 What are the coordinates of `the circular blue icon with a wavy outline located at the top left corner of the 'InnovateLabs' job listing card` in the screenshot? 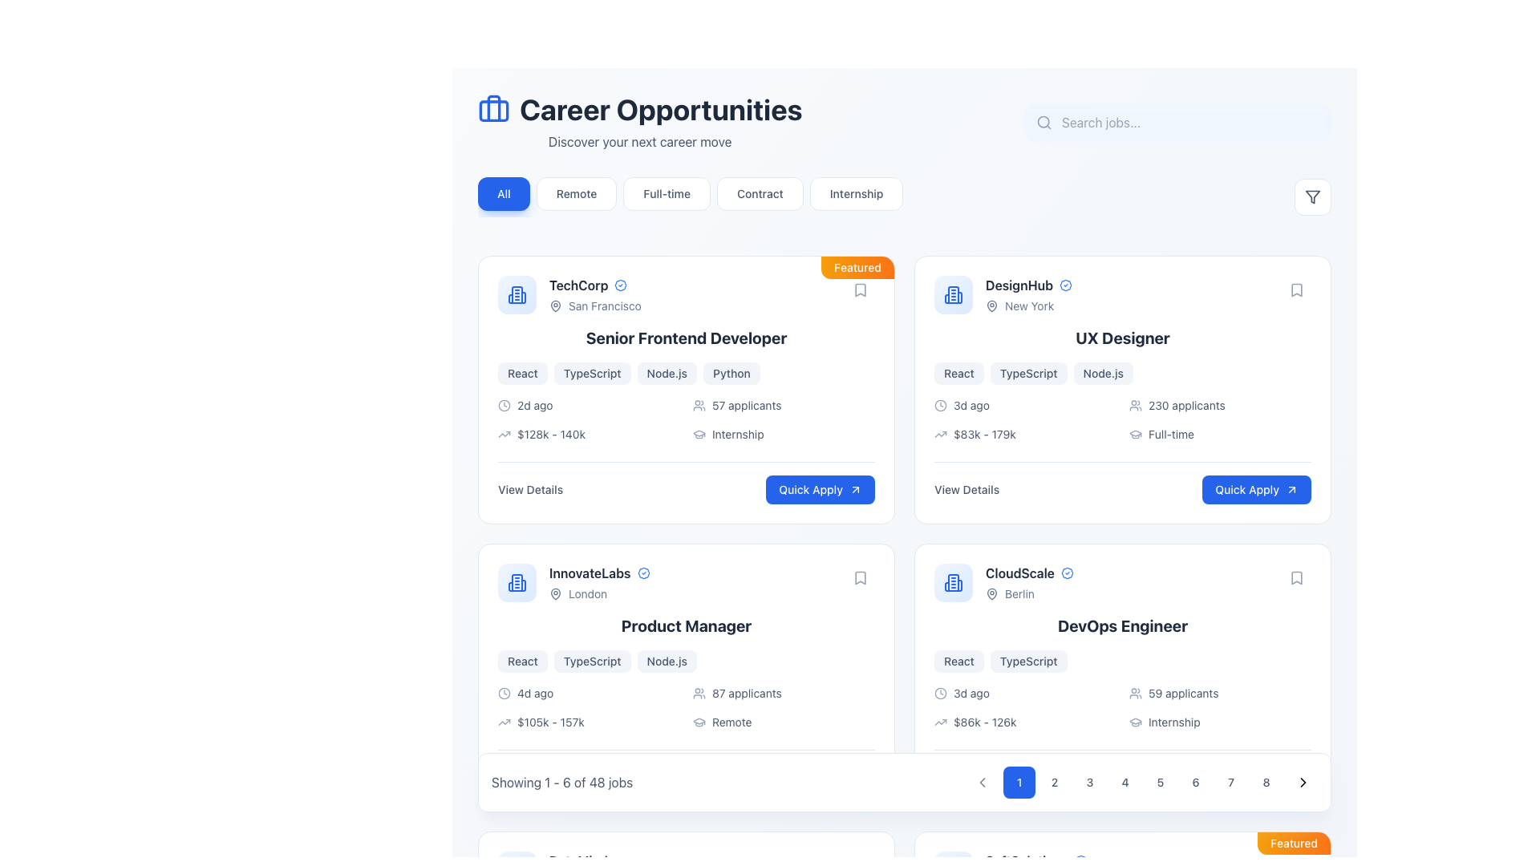 It's located at (643, 572).